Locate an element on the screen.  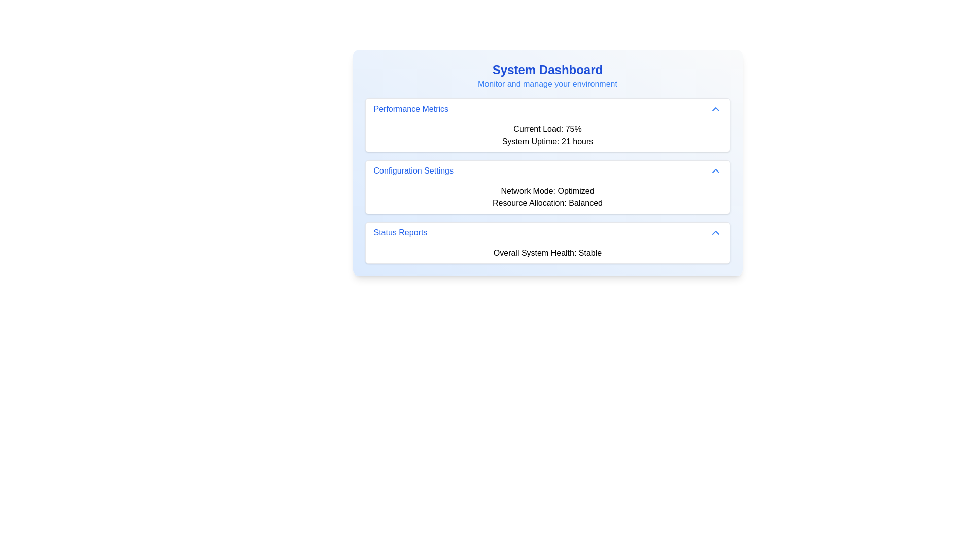
the upward-pointing chevron icon styled in blue, located at the far right of the 'Status Reports' section header is located at coordinates (715, 233).